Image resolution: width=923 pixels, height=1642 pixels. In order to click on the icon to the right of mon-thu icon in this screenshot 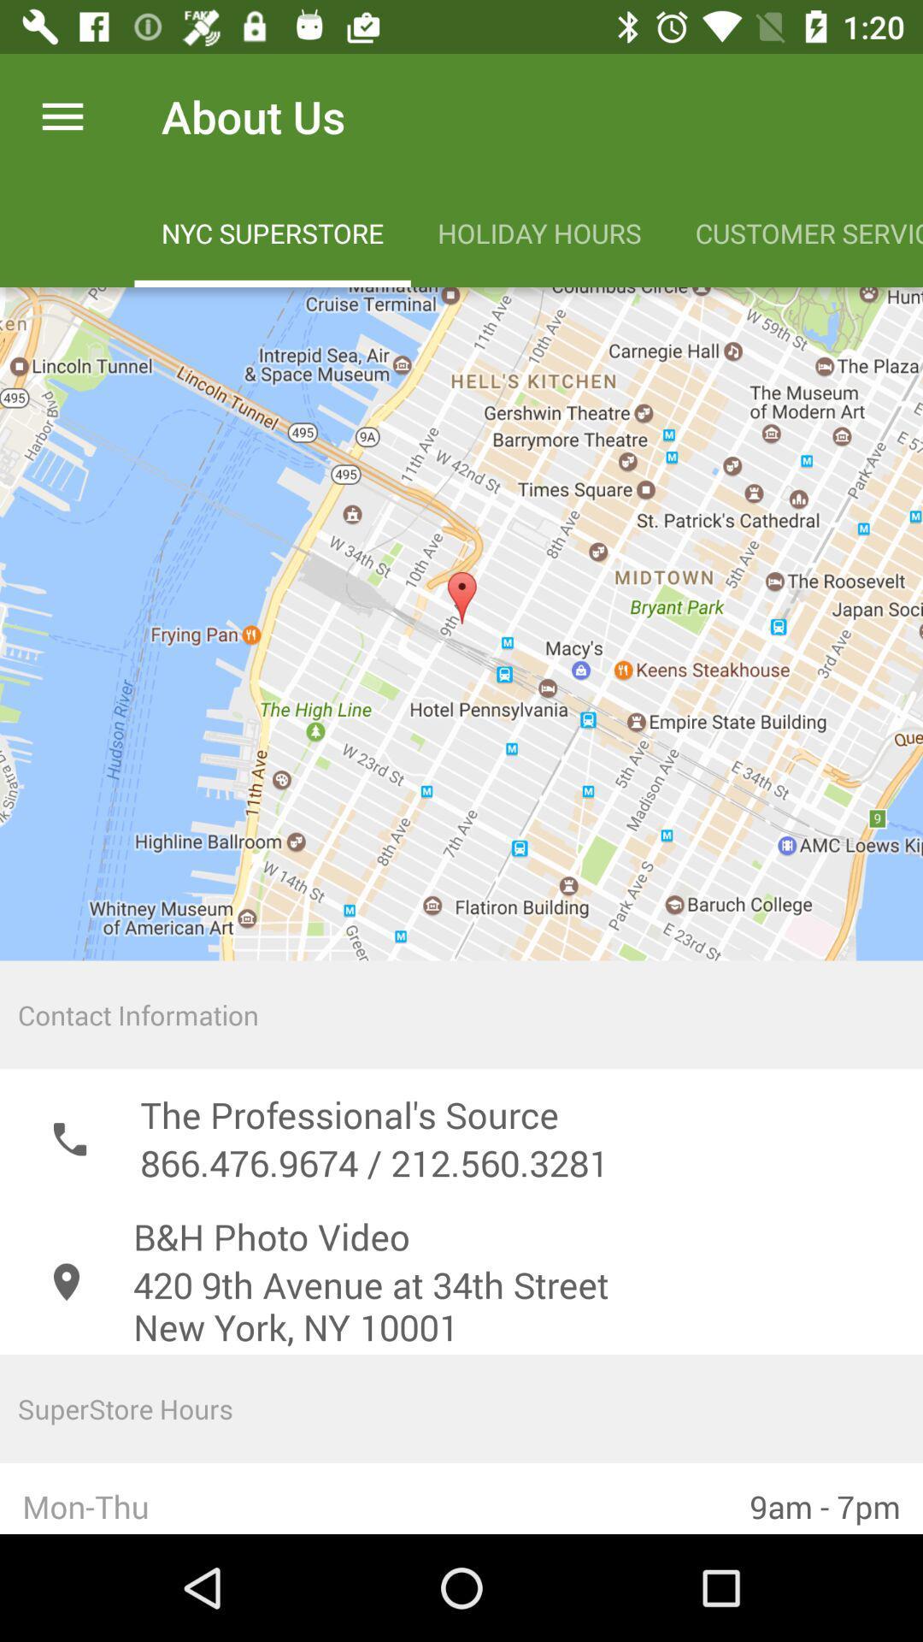, I will do `click(824, 1497)`.